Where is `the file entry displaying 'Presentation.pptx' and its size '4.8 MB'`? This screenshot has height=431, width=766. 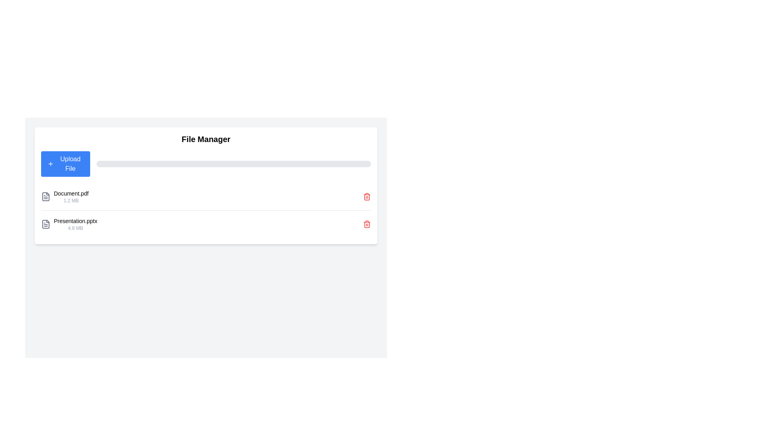 the file entry displaying 'Presentation.pptx' and its size '4.8 MB' is located at coordinates (75, 224).